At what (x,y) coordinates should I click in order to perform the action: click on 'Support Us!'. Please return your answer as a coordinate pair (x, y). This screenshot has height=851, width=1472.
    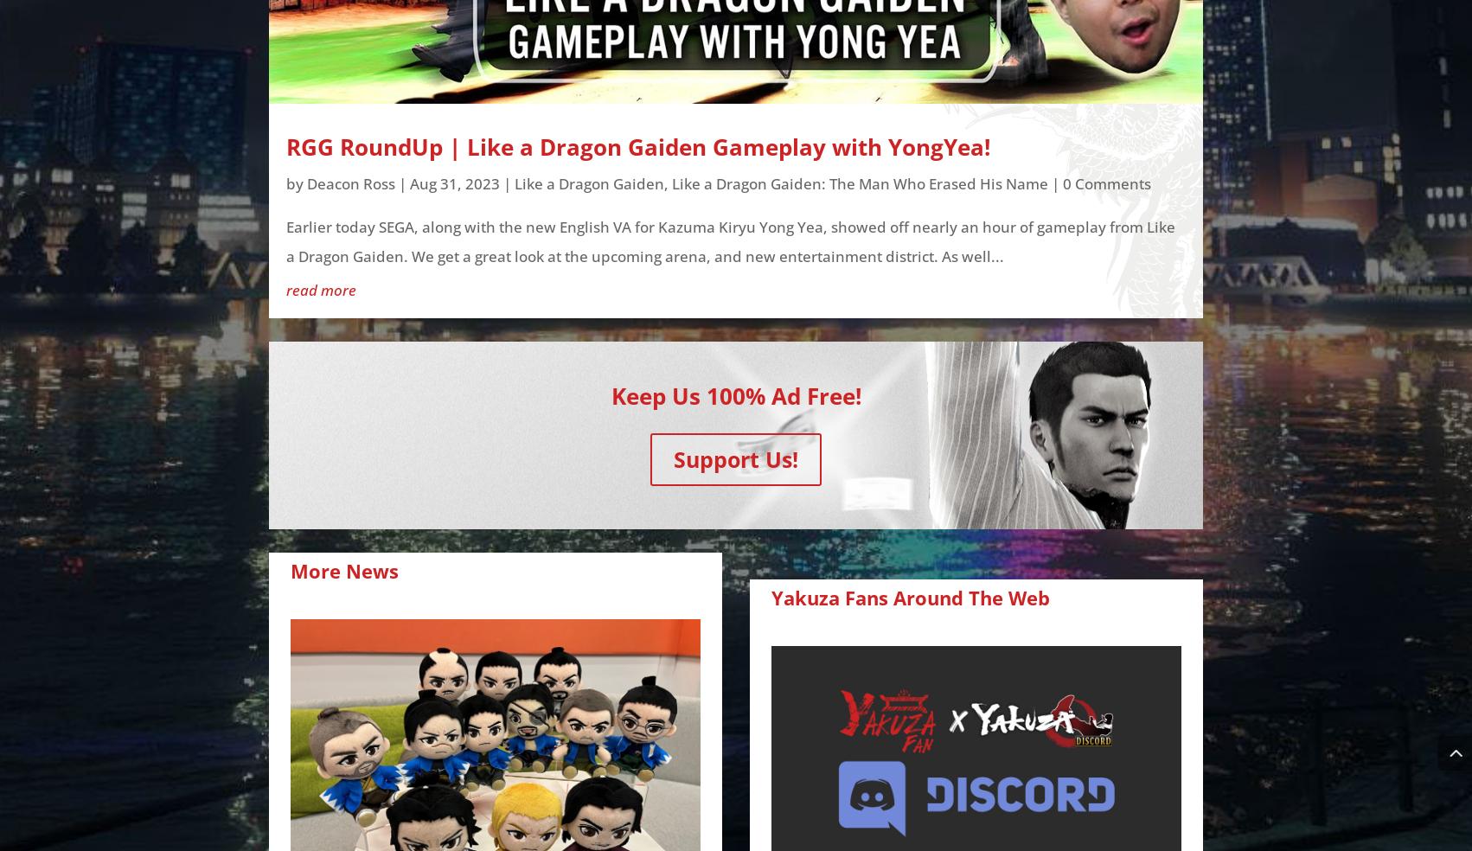
    Looking at the image, I should click on (736, 457).